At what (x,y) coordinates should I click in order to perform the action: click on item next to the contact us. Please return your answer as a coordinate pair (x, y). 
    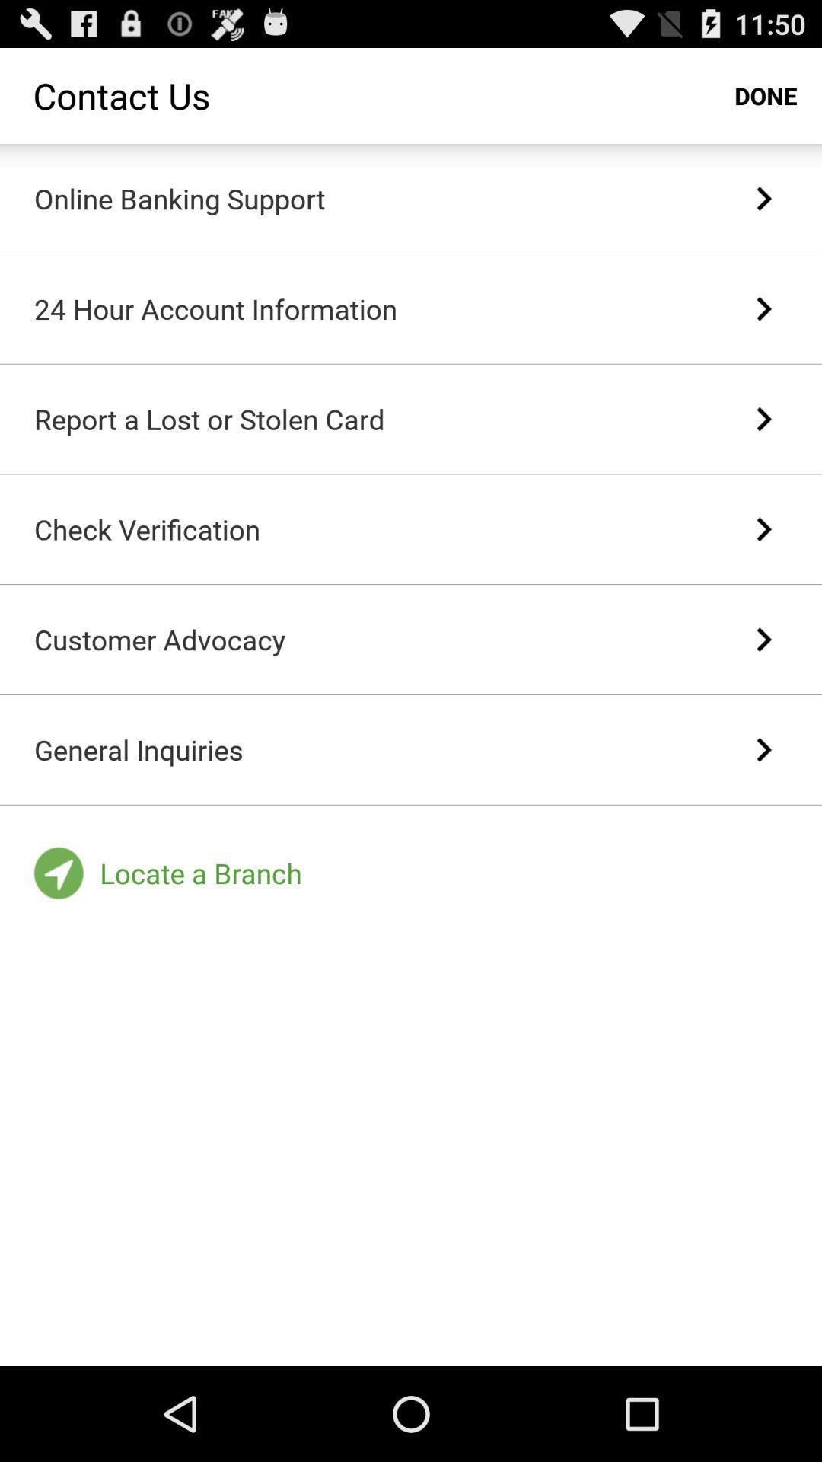
    Looking at the image, I should click on (766, 94).